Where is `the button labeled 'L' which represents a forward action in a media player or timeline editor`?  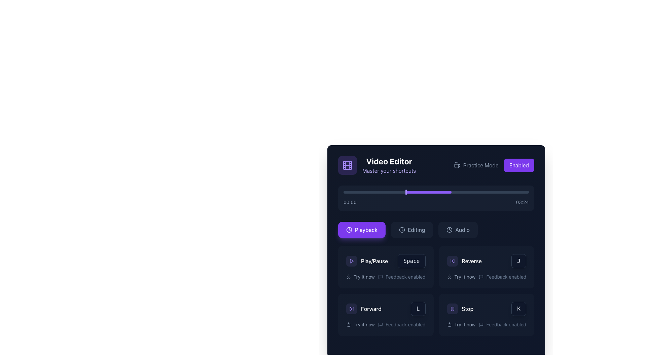 the button labeled 'L' which represents a forward action in a media player or timeline editor is located at coordinates (386, 309).